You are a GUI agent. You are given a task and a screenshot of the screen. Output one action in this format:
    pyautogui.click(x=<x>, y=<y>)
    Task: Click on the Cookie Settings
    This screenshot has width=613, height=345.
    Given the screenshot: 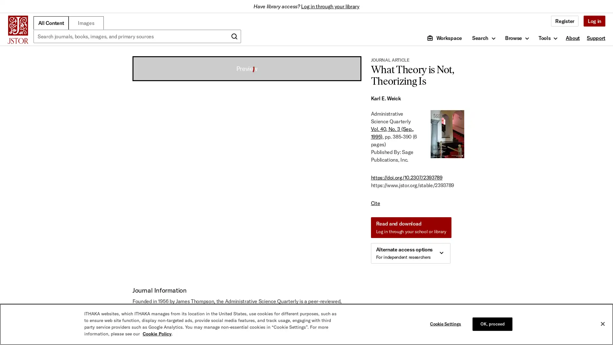 What is the action you would take?
    pyautogui.click(x=447, y=324)
    